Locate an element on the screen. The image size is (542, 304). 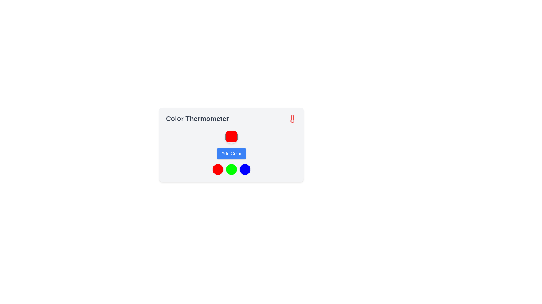
the text content of the Header bar, which indicates the color and thermometer-related features below it is located at coordinates (231, 118).